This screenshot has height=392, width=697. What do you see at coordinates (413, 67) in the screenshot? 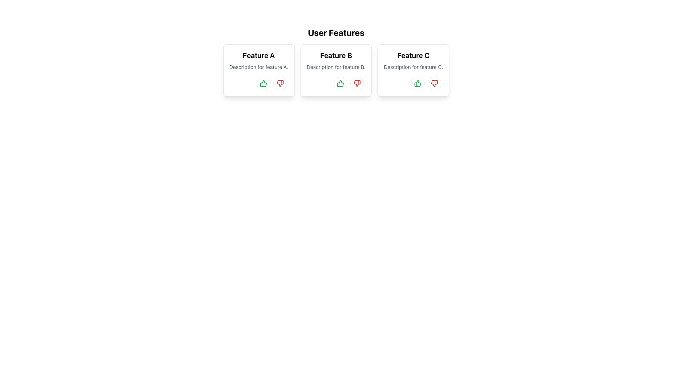
I see `descriptive information text about 'Feature C', which is located in the middle section of the 'Feature C' card, just below the title and above the interactive icon buttons` at bounding box center [413, 67].